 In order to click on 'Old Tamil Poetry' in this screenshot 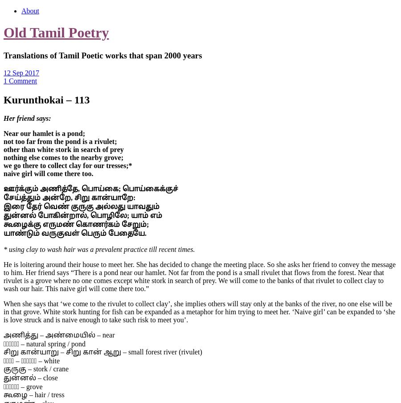, I will do `click(56, 33)`.